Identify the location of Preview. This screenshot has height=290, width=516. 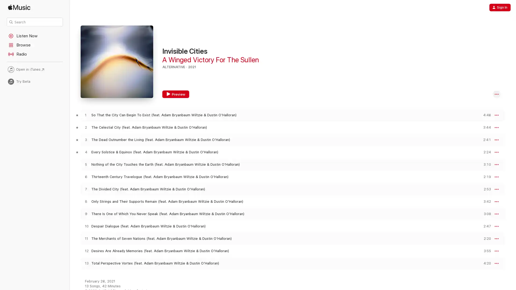
(485, 226).